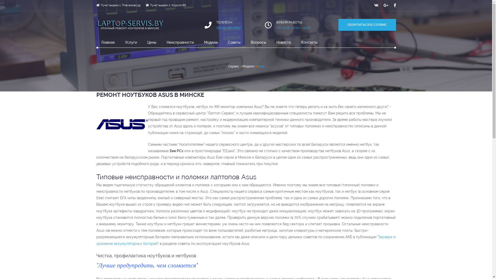 Image resolution: width=496 pixels, height=279 pixels. I want to click on '(8029) 385-7857', so click(228, 28).